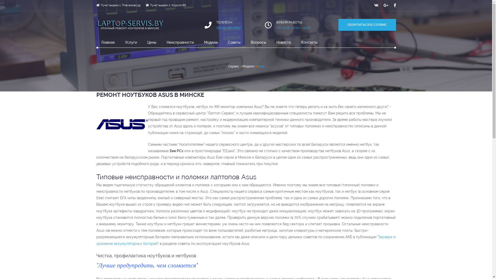 Image resolution: width=496 pixels, height=279 pixels. I want to click on '(8029) 385-7857', so click(228, 28).